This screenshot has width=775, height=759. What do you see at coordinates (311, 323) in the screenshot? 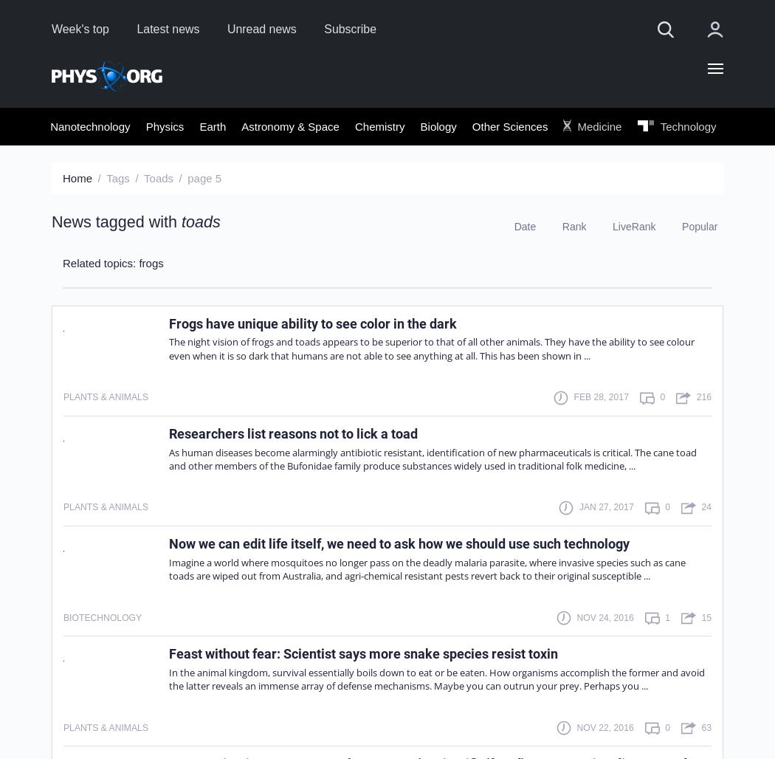
I see `'Frogs have unique ability to see color in the dark'` at bounding box center [311, 323].